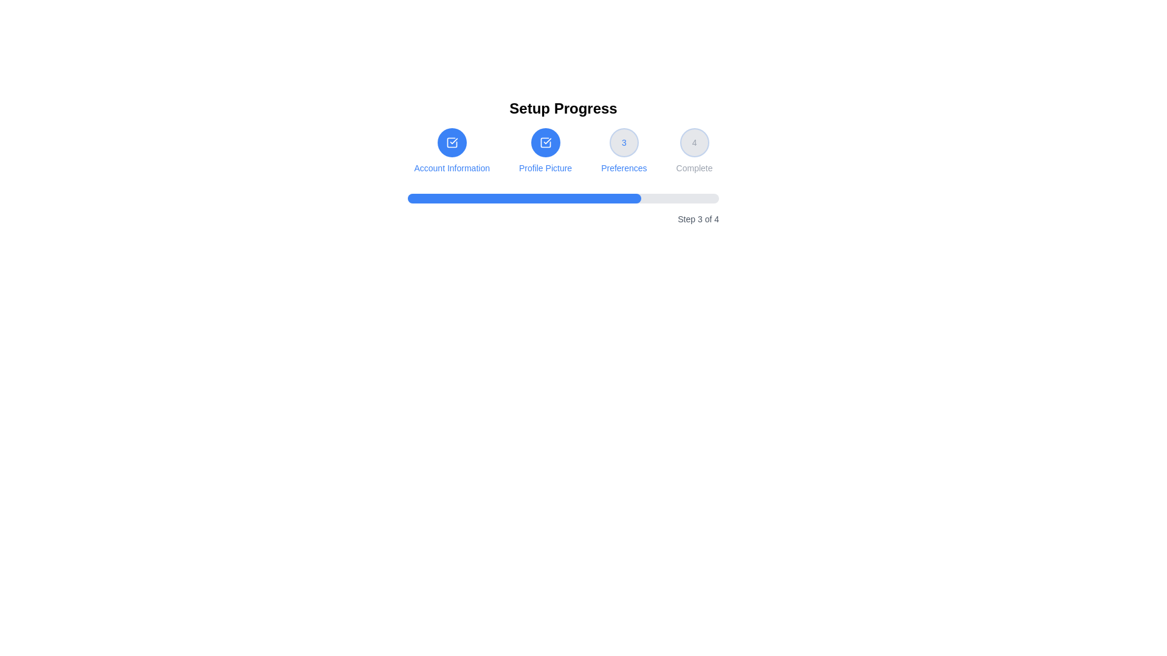 The width and height of the screenshot is (1167, 656). Describe the element at coordinates (451, 142) in the screenshot. I see `the square icon with a checkmark inside it, which represents the 'Account Information' step in the progress navigation for the setup process` at that location.